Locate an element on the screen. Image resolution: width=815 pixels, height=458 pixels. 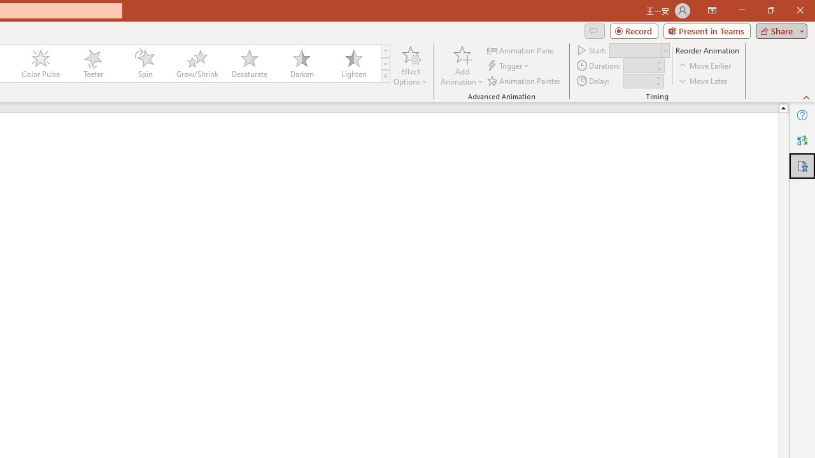
'Move Later' is located at coordinates (703, 81).